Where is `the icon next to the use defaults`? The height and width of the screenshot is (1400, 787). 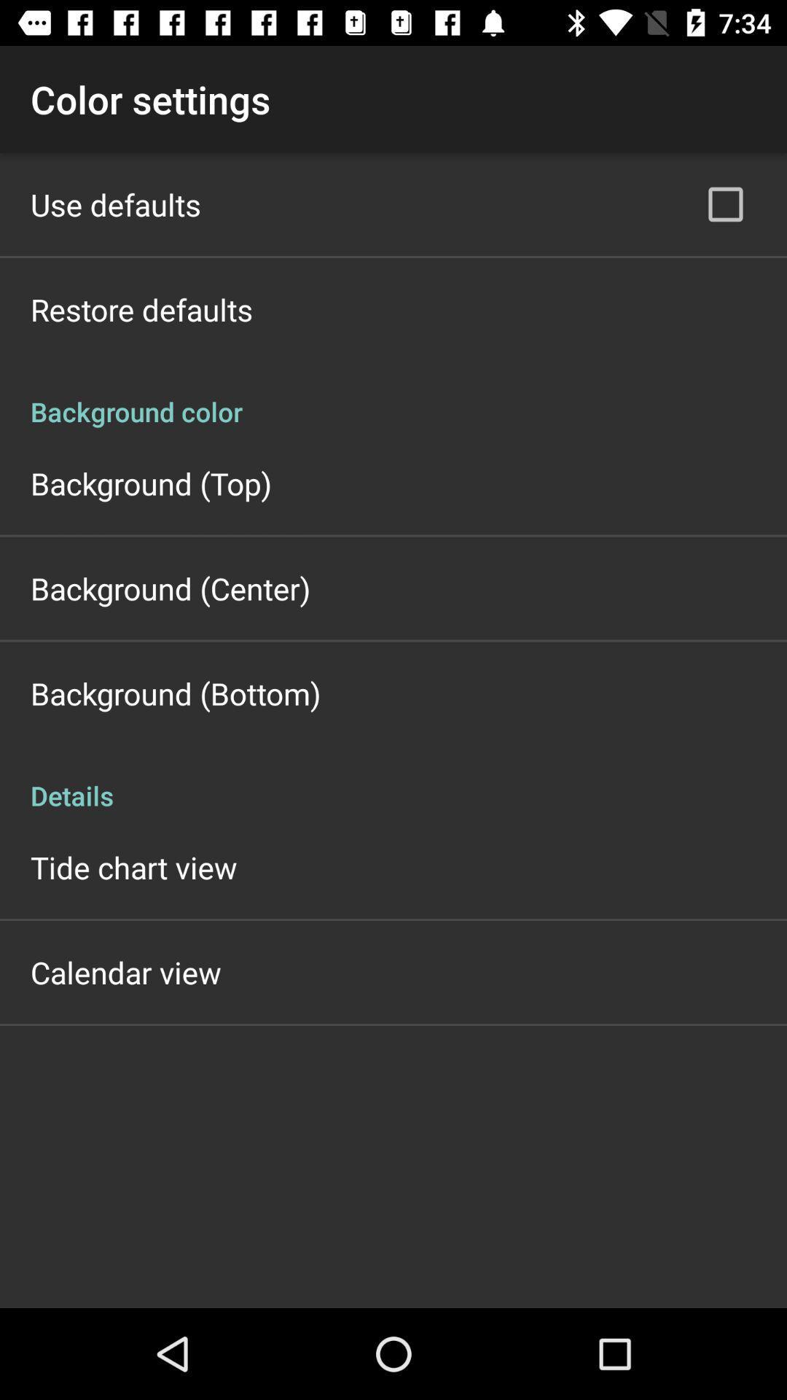 the icon next to the use defaults is located at coordinates (725, 203).